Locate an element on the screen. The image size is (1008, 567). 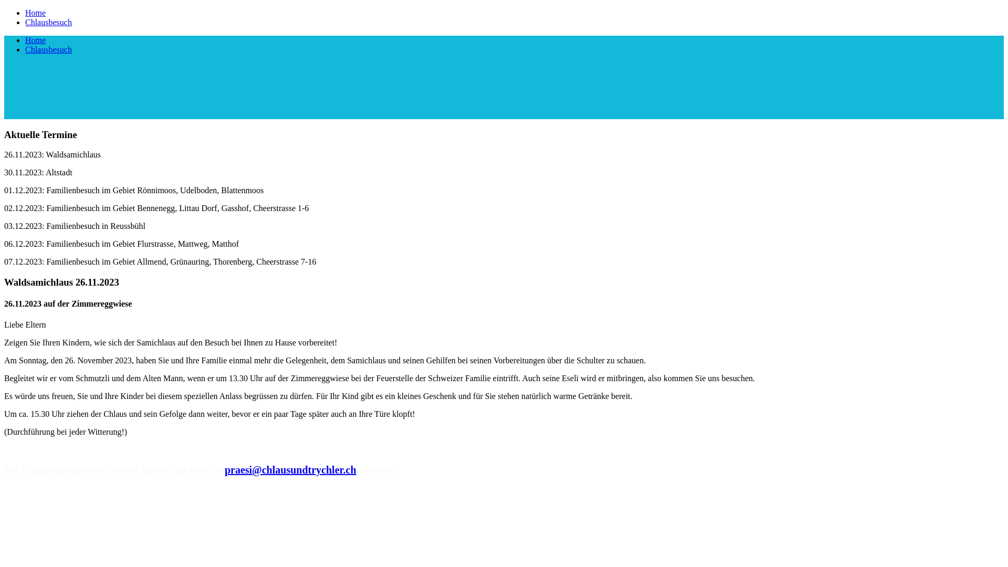
'Home' is located at coordinates (35, 13).